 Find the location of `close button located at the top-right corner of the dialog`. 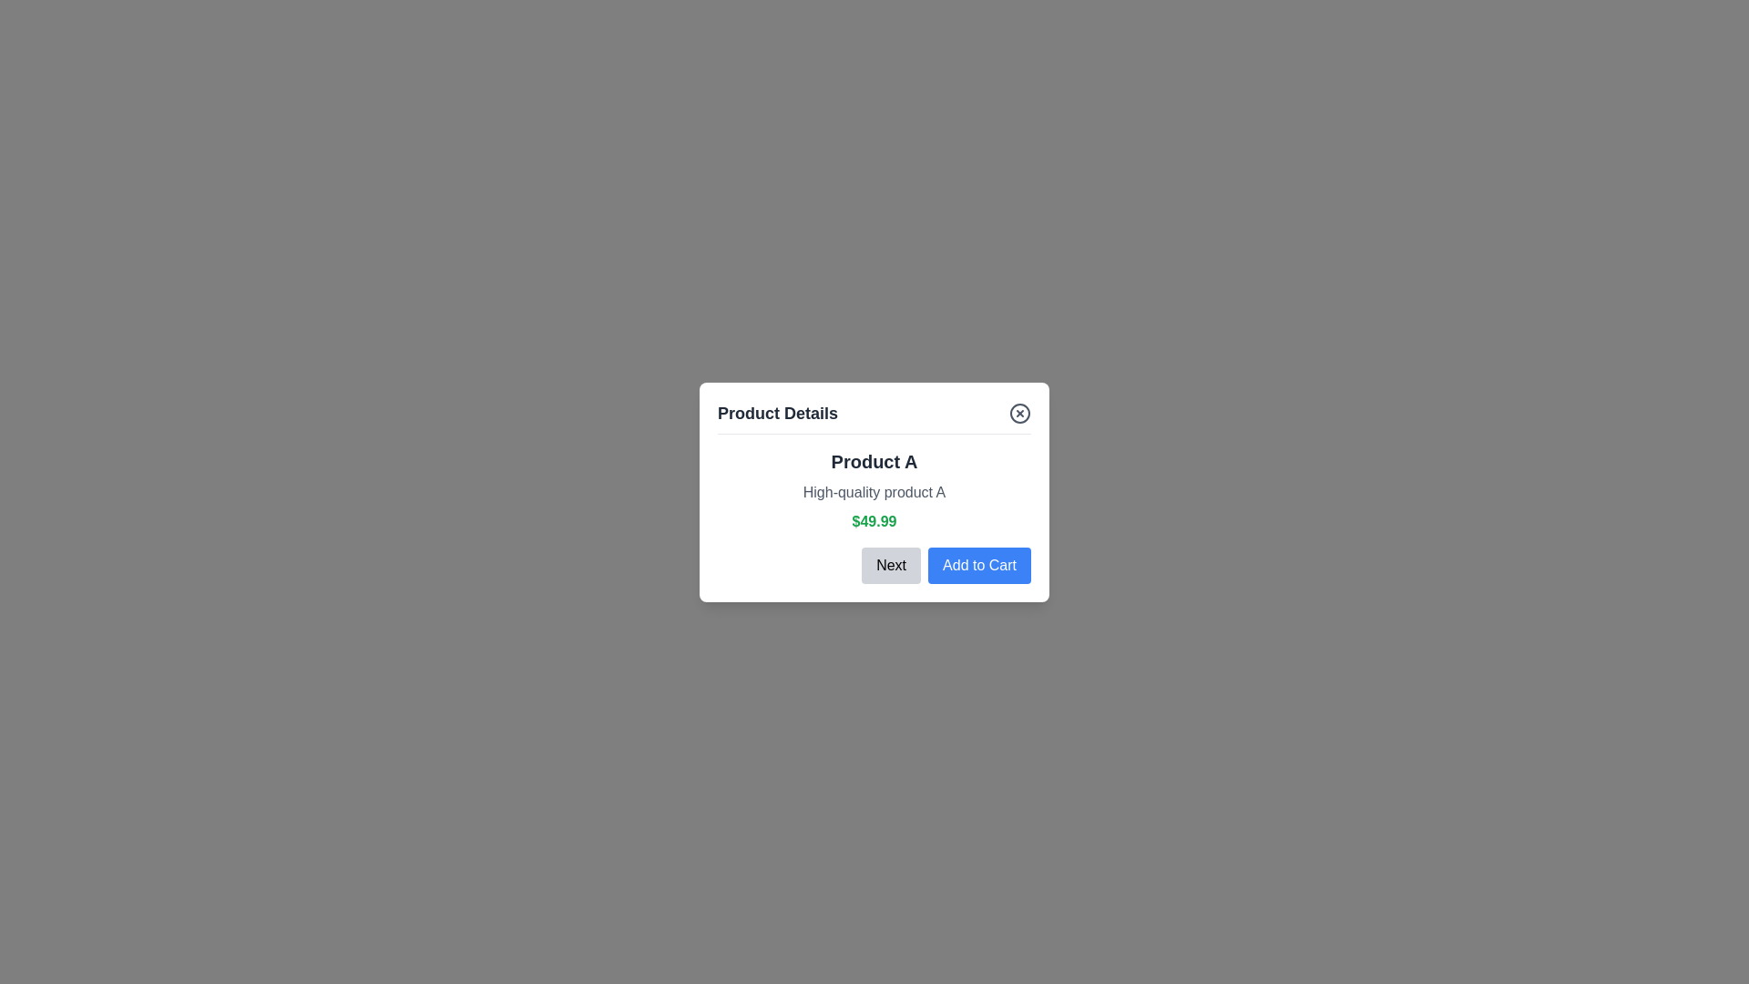

close button located at the top-right corner of the dialog is located at coordinates (1018, 413).